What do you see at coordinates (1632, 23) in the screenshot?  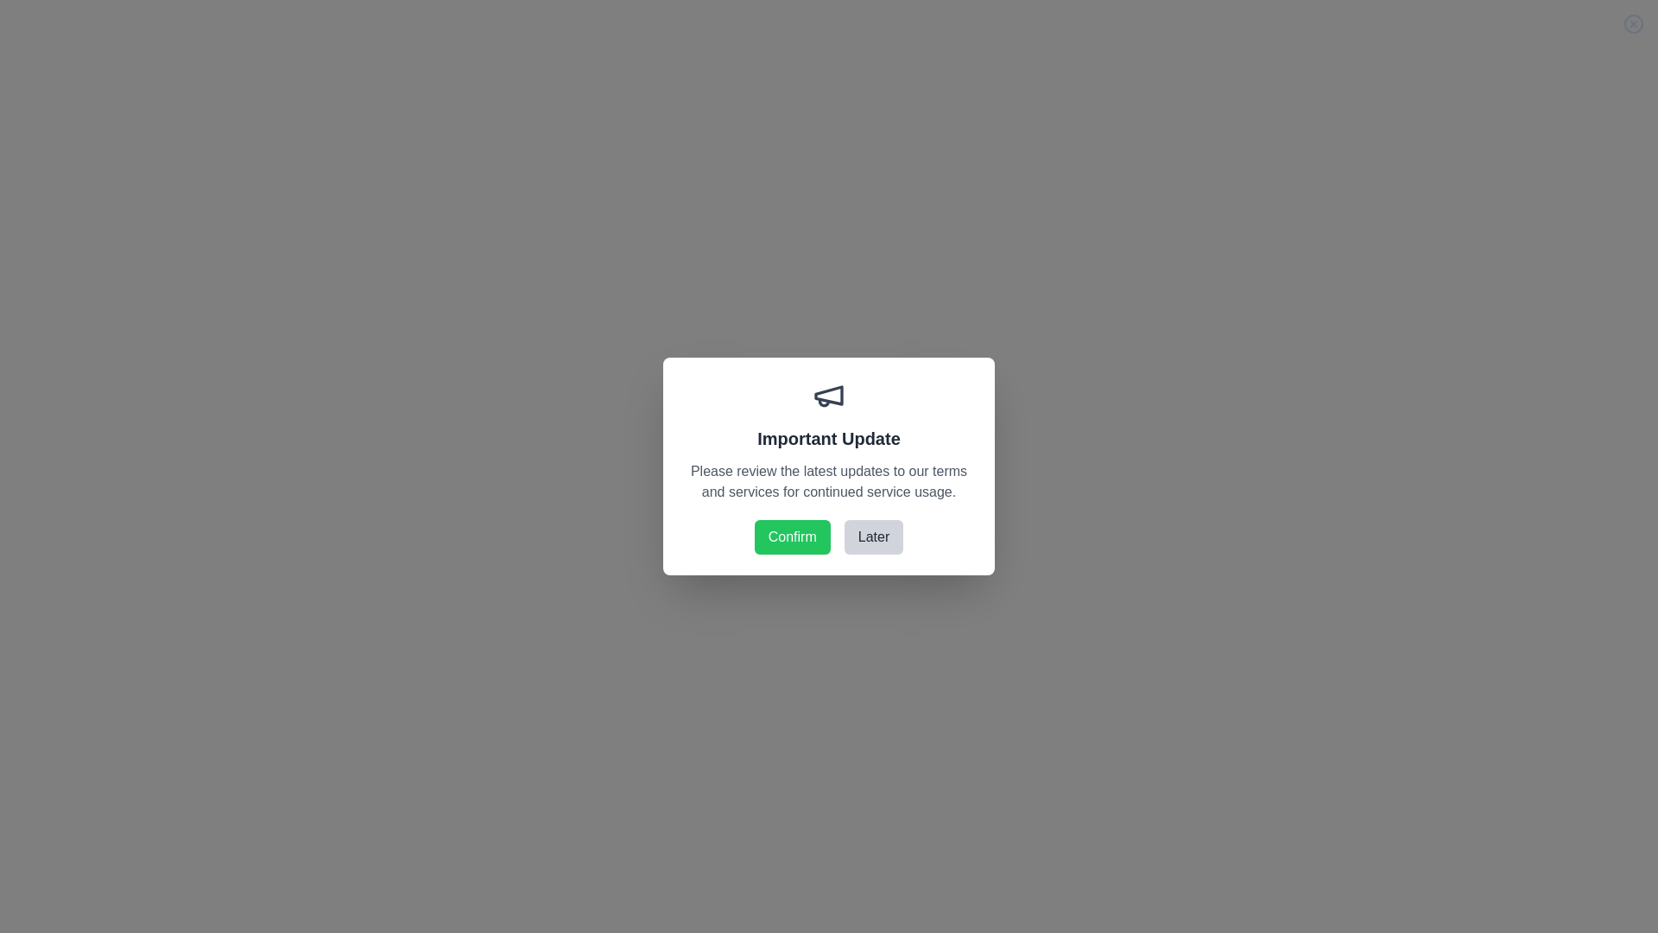 I see `the close button located in the top-right corner of the dialog` at bounding box center [1632, 23].